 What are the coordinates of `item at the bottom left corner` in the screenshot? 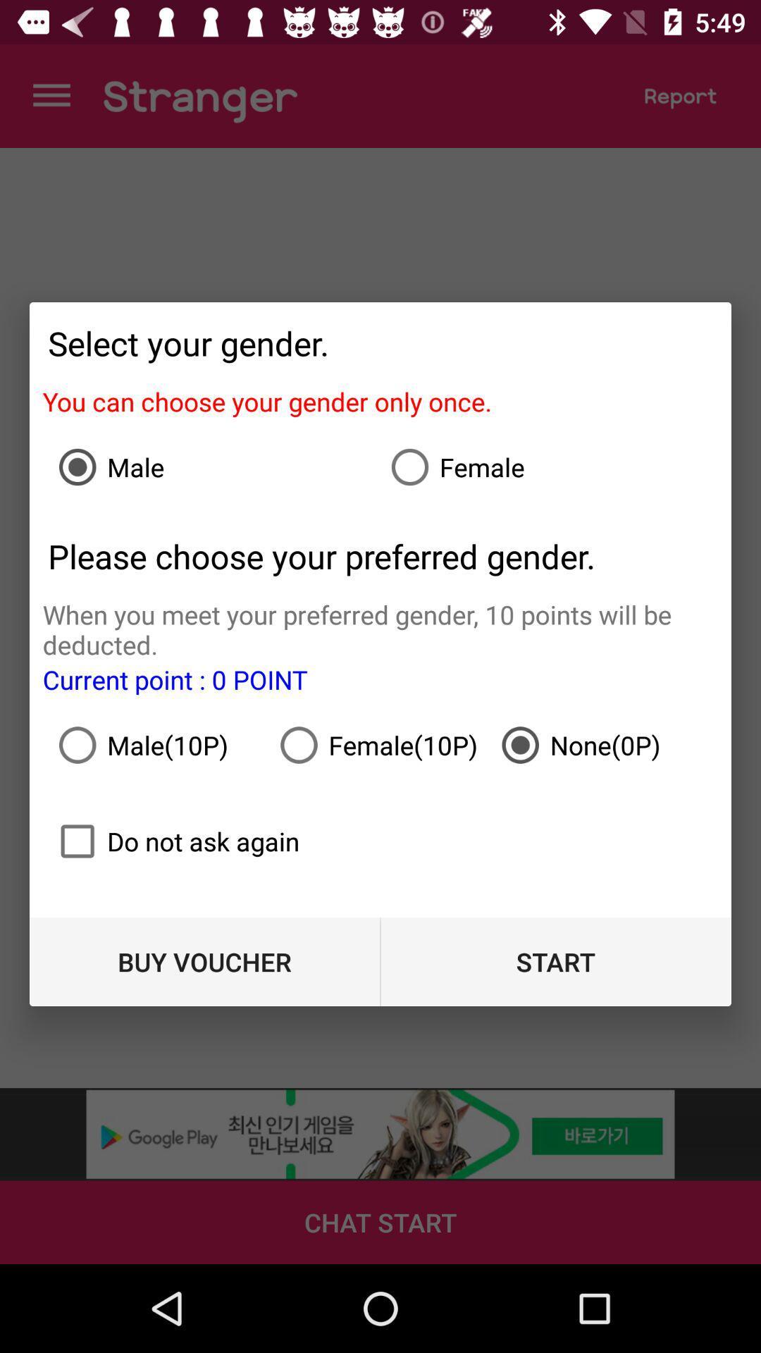 It's located at (204, 960).